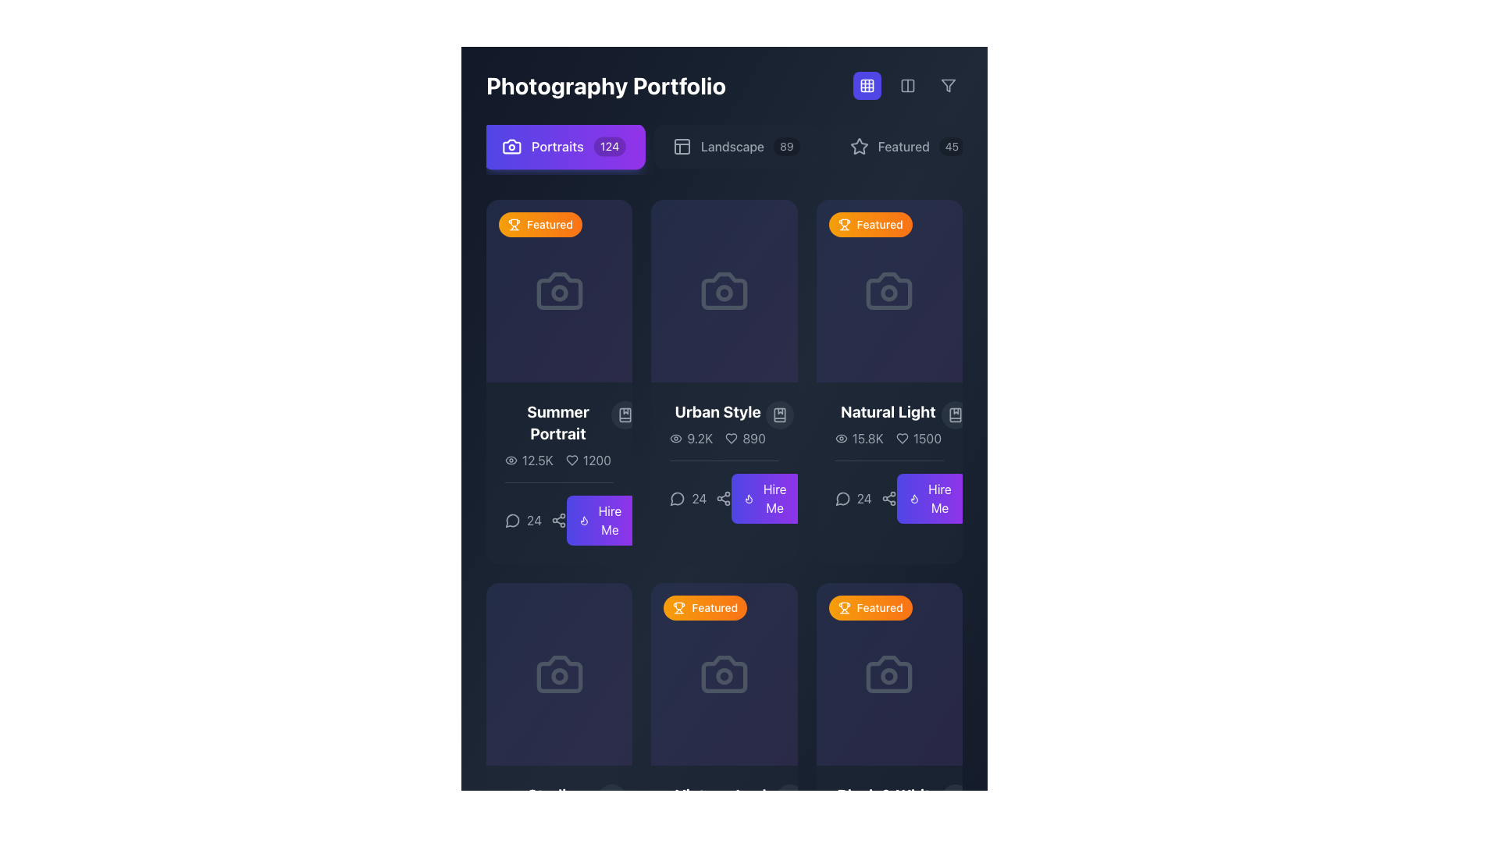  What do you see at coordinates (889, 492) in the screenshot?
I see `the sharing icon within the 'Natural Light' card` at bounding box center [889, 492].